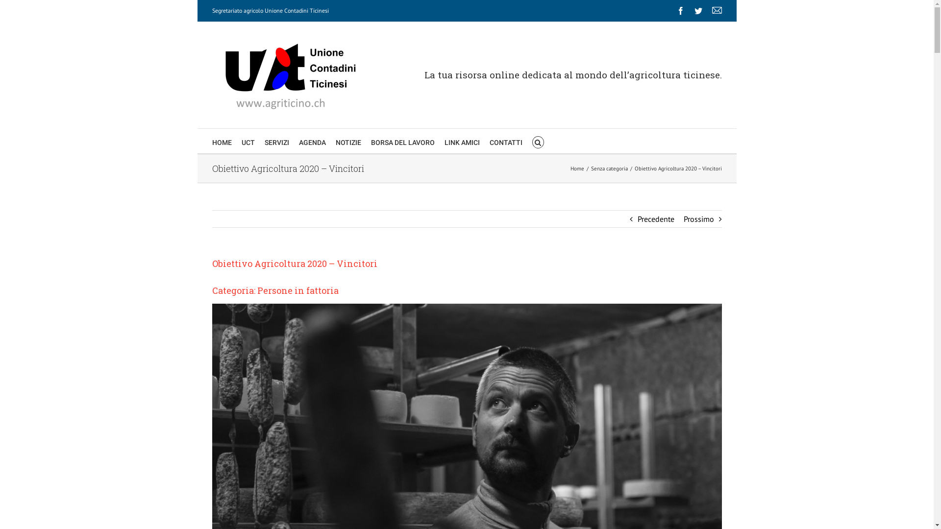  Describe the element at coordinates (655, 218) in the screenshot. I see `'Precedente'` at that location.